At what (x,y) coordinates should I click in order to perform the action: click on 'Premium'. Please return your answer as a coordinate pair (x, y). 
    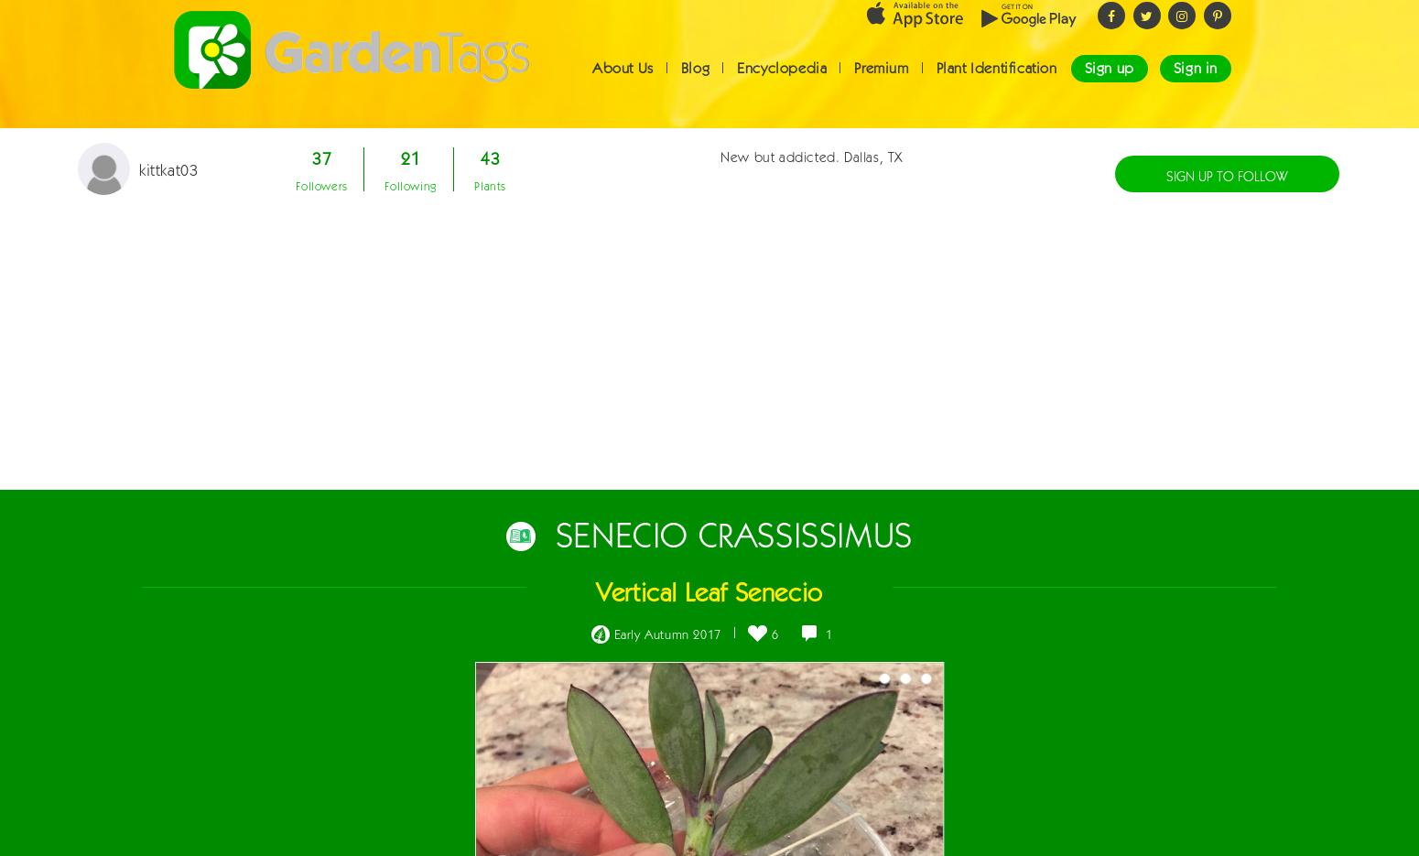
    Looking at the image, I should click on (852, 83).